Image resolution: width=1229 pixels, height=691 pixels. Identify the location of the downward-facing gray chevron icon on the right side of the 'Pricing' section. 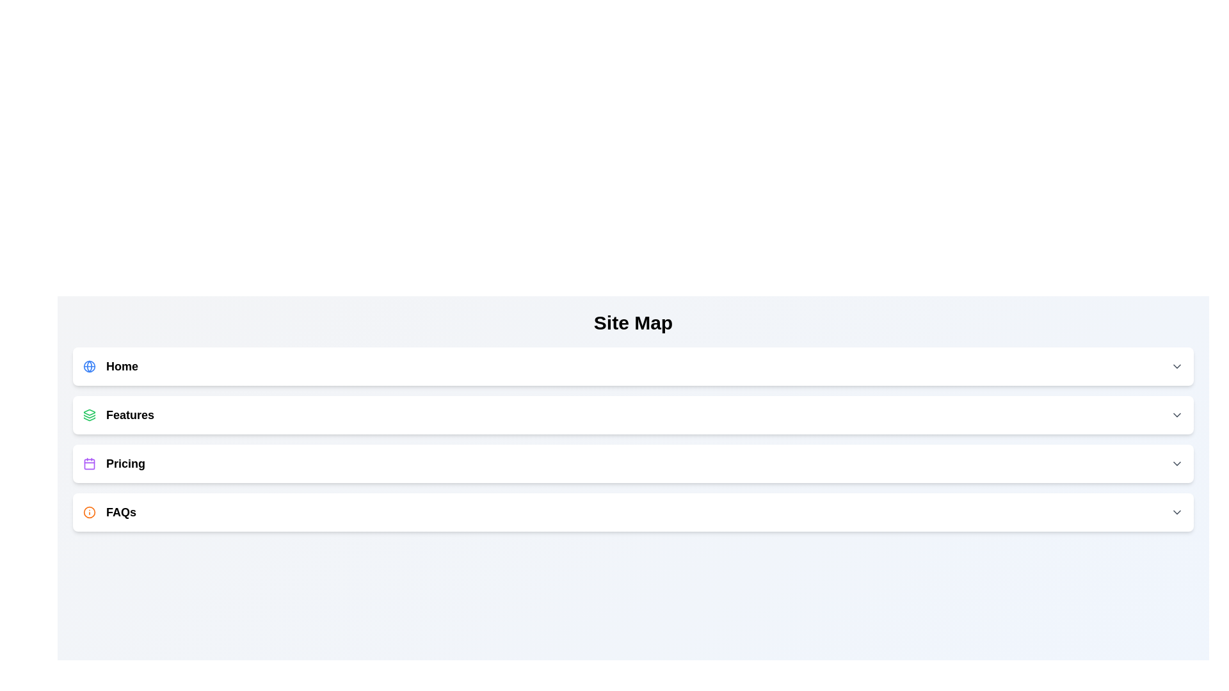
(1177, 464).